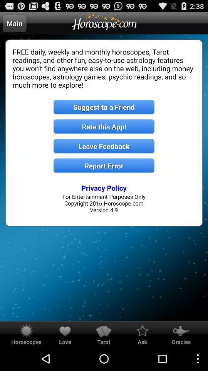  What do you see at coordinates (104, 107) in the screenshot?
I see `suggest to a` at bounding box center [104, 107].